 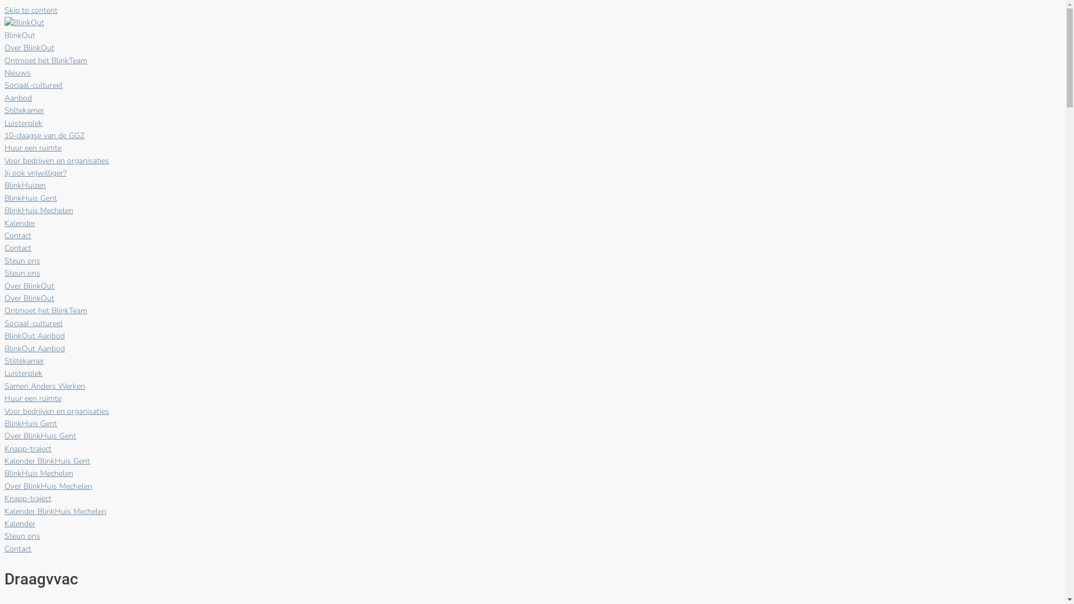 I want to click on 'BlinkOut Aanbod', so click(x=35, y=348).